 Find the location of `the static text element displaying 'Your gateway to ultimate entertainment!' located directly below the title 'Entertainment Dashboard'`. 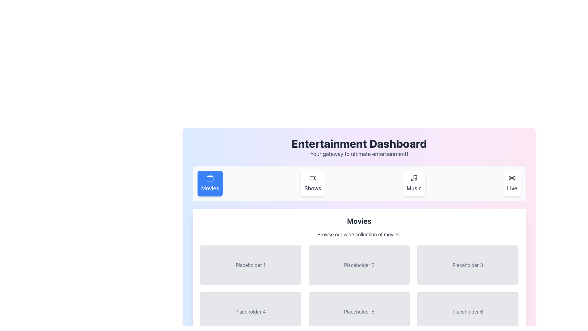

the static text element displaying 'Your gateway to ultimate entertainment!' located directly below the title 'Entertainment Dashboard' is located at coordinates (359, 154).